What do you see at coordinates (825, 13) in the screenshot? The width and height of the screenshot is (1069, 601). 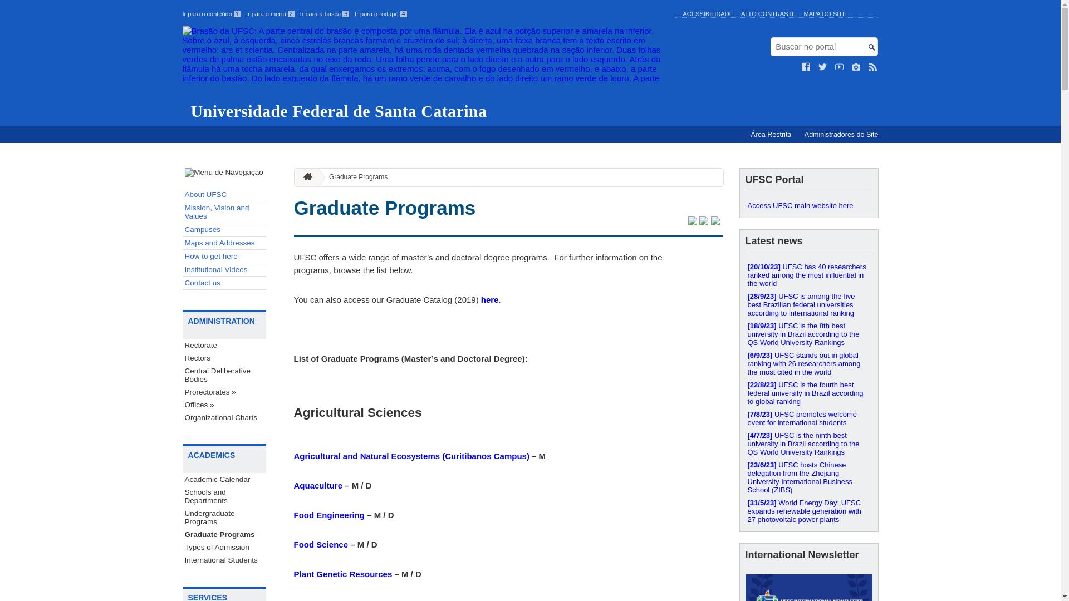 I see `'MAPA DO SITE'` at bounding box center [825, 13].